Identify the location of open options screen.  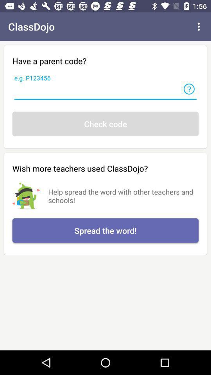
(198, 27).